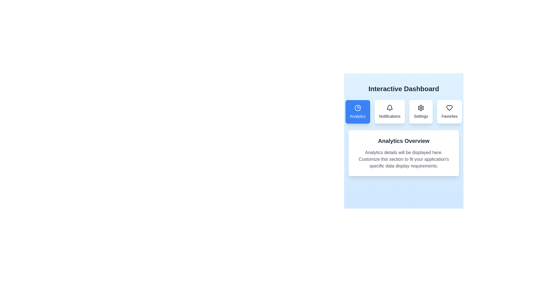  I want to click on the gear icon representing the 'Settings' option in the navigation bar located at the top section of the card layout, so click(421, 108).